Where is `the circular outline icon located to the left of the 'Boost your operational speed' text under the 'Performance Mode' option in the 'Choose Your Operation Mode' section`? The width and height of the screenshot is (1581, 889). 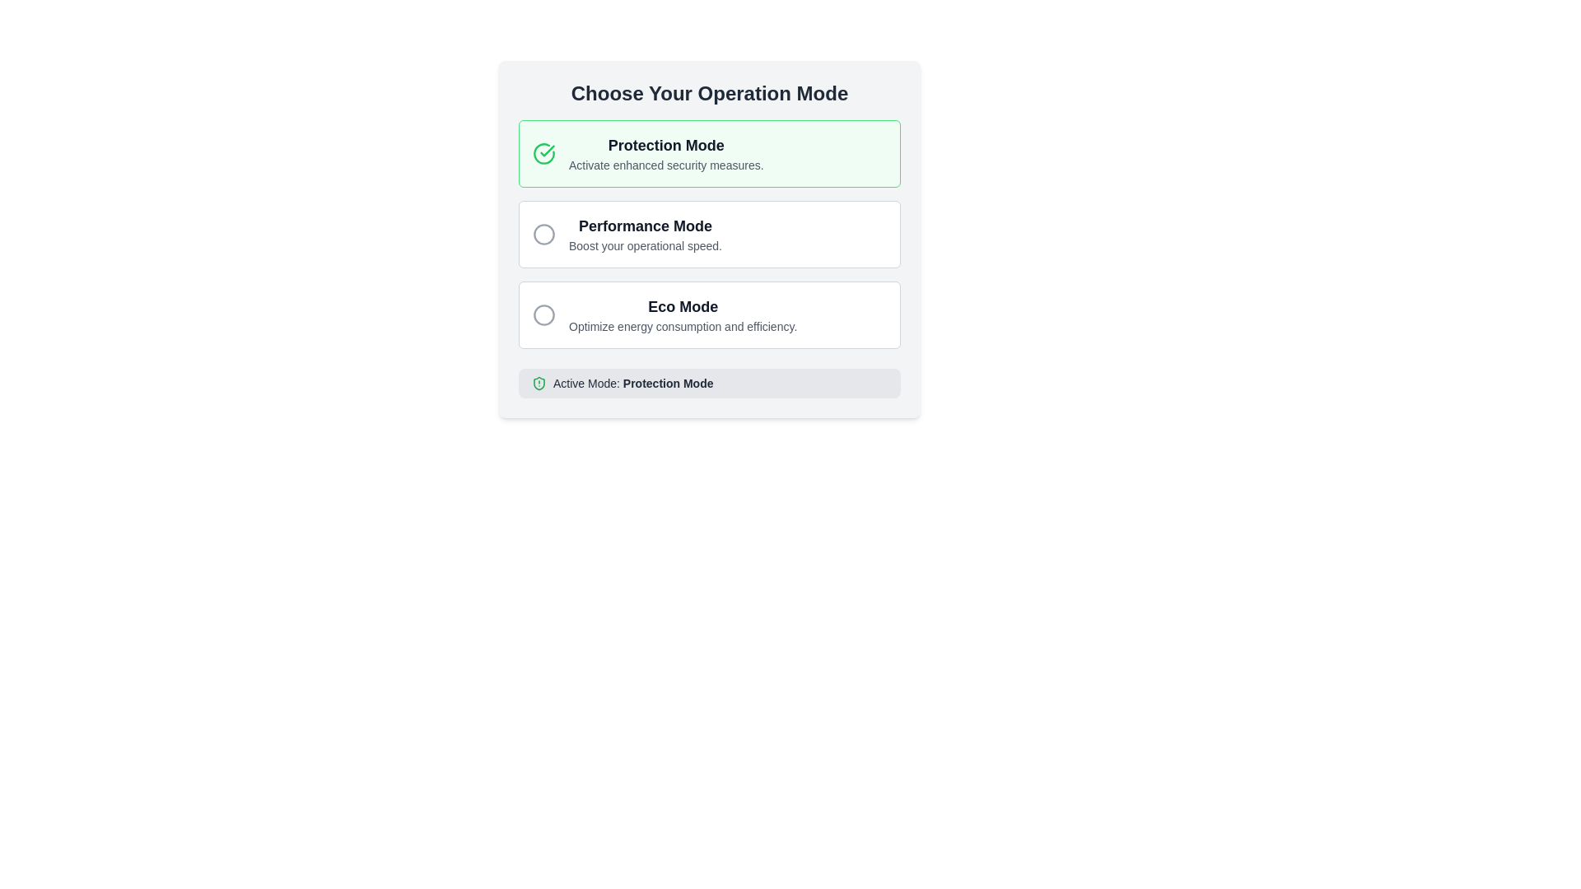
the circular outline icon located to the left of the 'Boost your operational speed' text under the 'Performance Mode' option in the 'Choose Your Operation Mode' section is located at coordinates (544, 235).